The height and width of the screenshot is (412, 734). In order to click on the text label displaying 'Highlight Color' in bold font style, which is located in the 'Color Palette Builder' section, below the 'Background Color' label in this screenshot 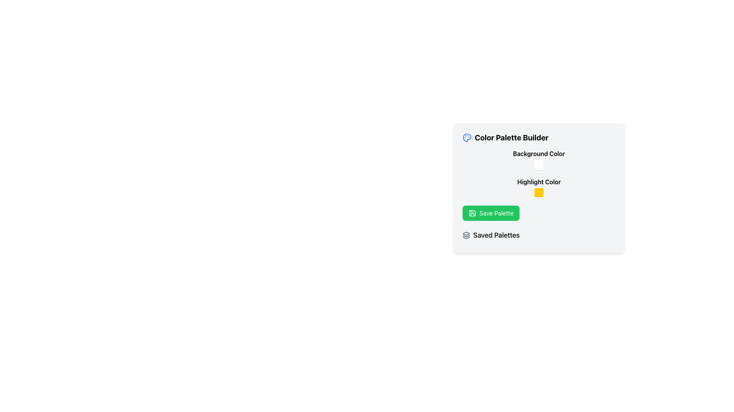, I will do `click(539, 182)`.